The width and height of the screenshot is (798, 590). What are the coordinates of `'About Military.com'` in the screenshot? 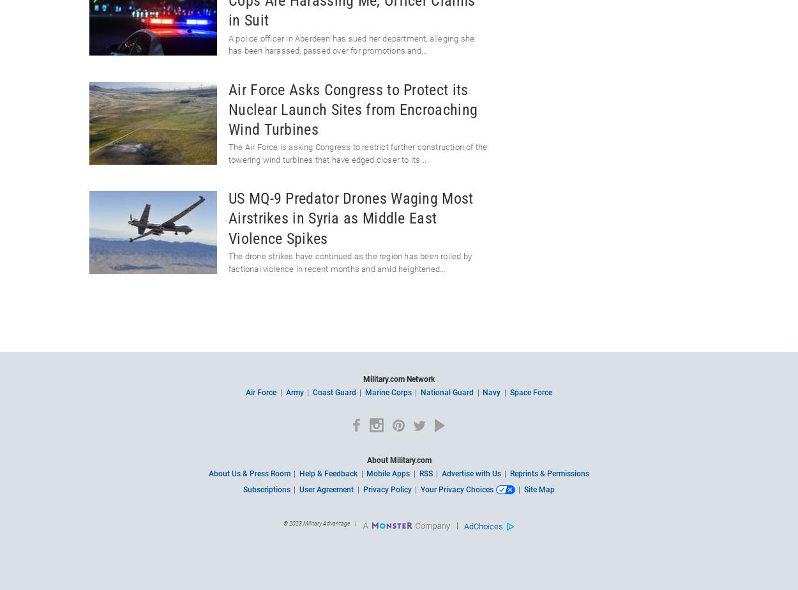 It's located at (398, 459).